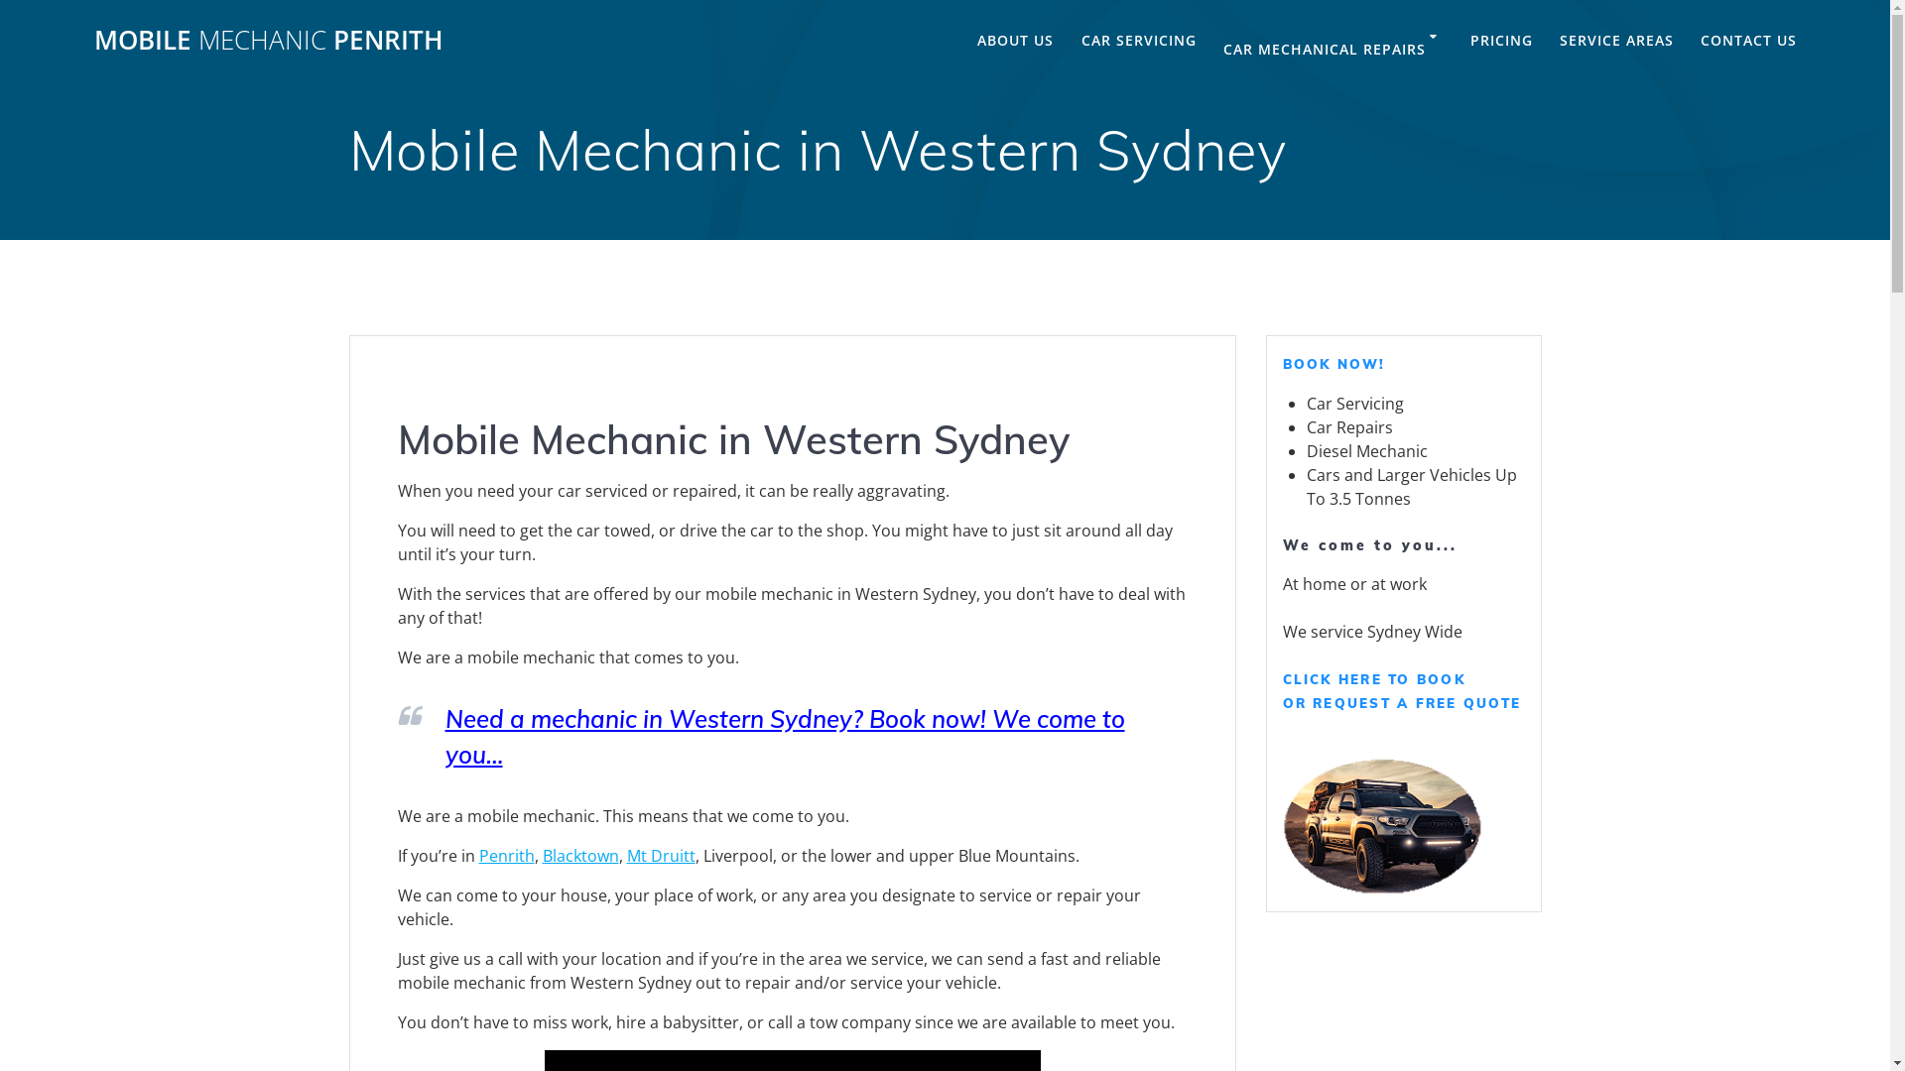  What do you see at coordinates (267, 41) in the screenshot?
I see `'MOBILE MECHANIC PENRITH'` at bounding box center [267, 41].